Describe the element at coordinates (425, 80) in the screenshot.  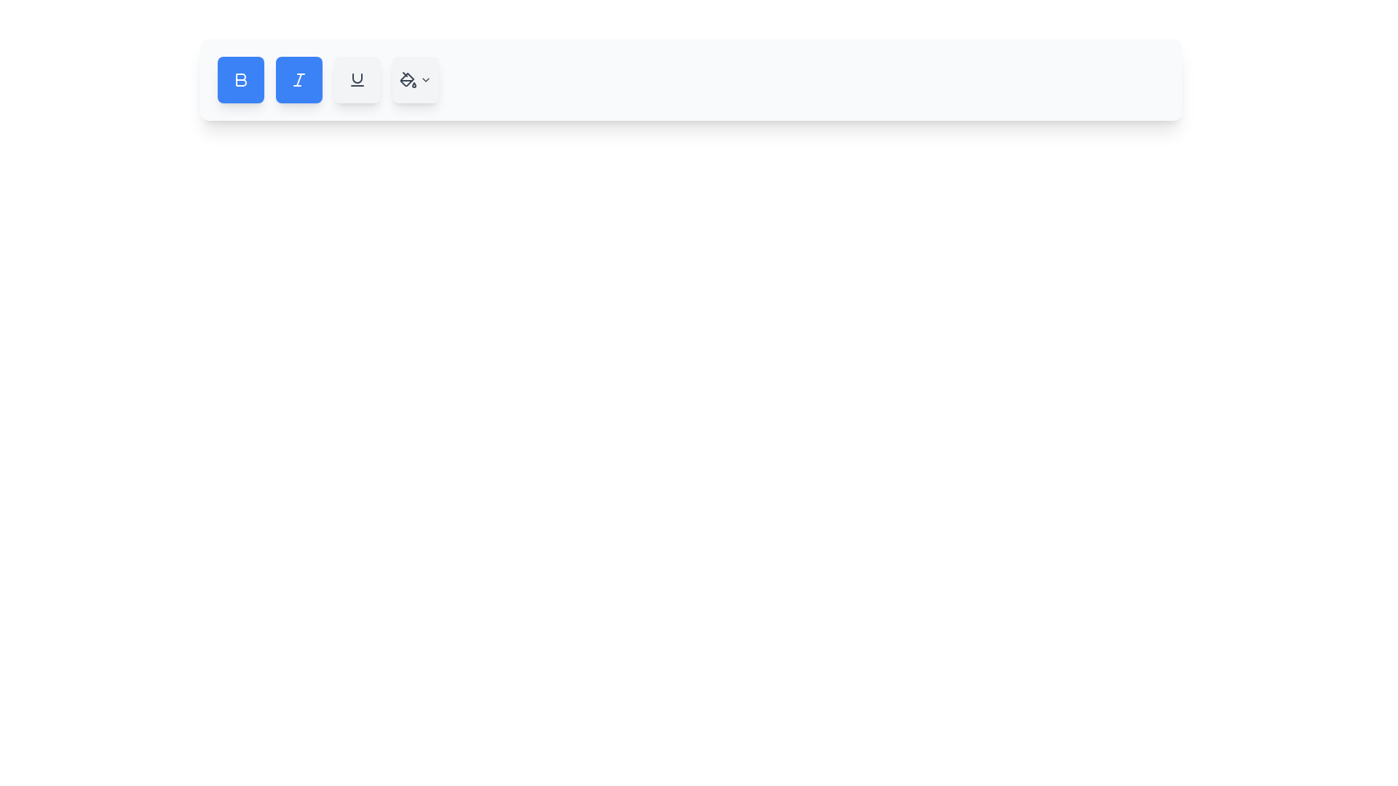
I see `the downward chevron icon in the top toolbar` at that location.